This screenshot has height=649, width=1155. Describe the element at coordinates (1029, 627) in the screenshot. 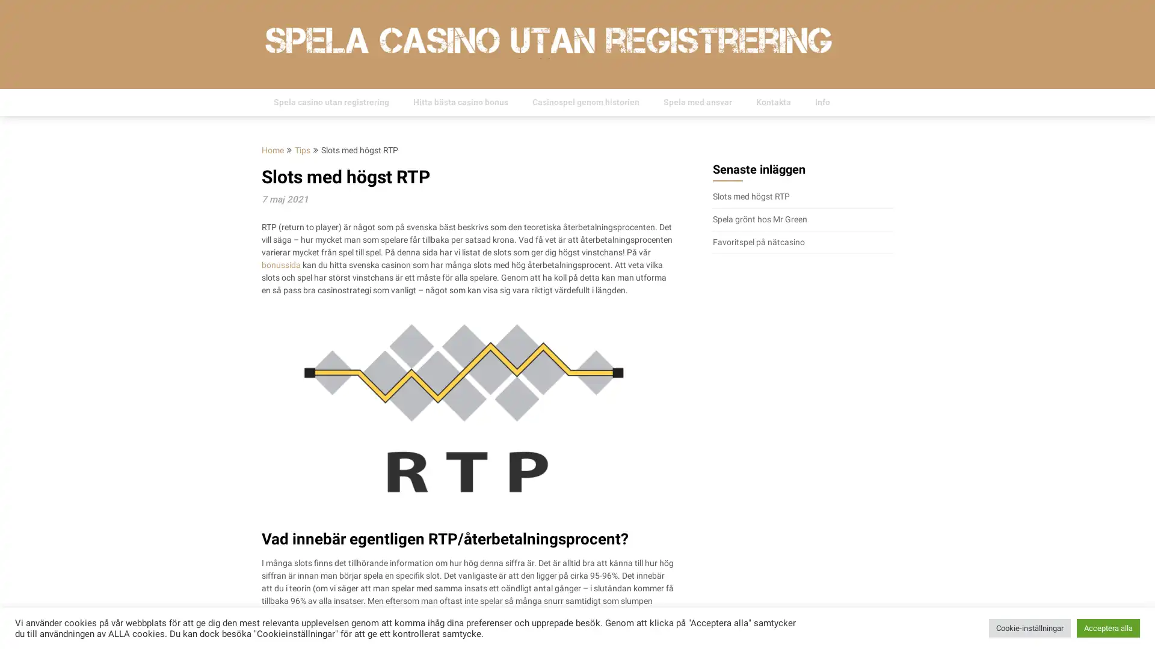

I see `Cookie-installningar` at that location.